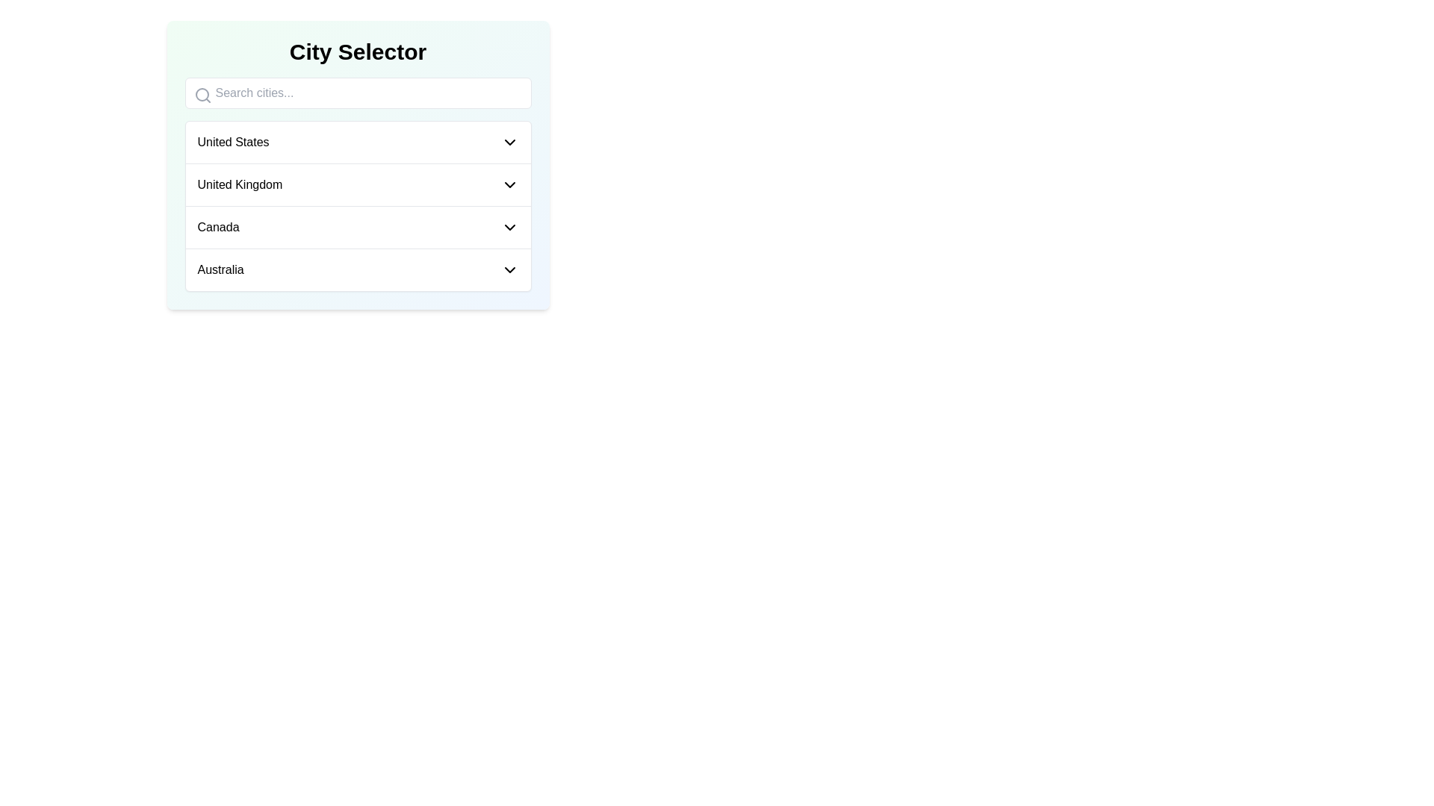  Describe the element at coordinates (201, 95) in the screenshot. I see `the circular search icon component that is part of the magnifying glass icon located within the input field labeled 'Search cities...'` at that location.